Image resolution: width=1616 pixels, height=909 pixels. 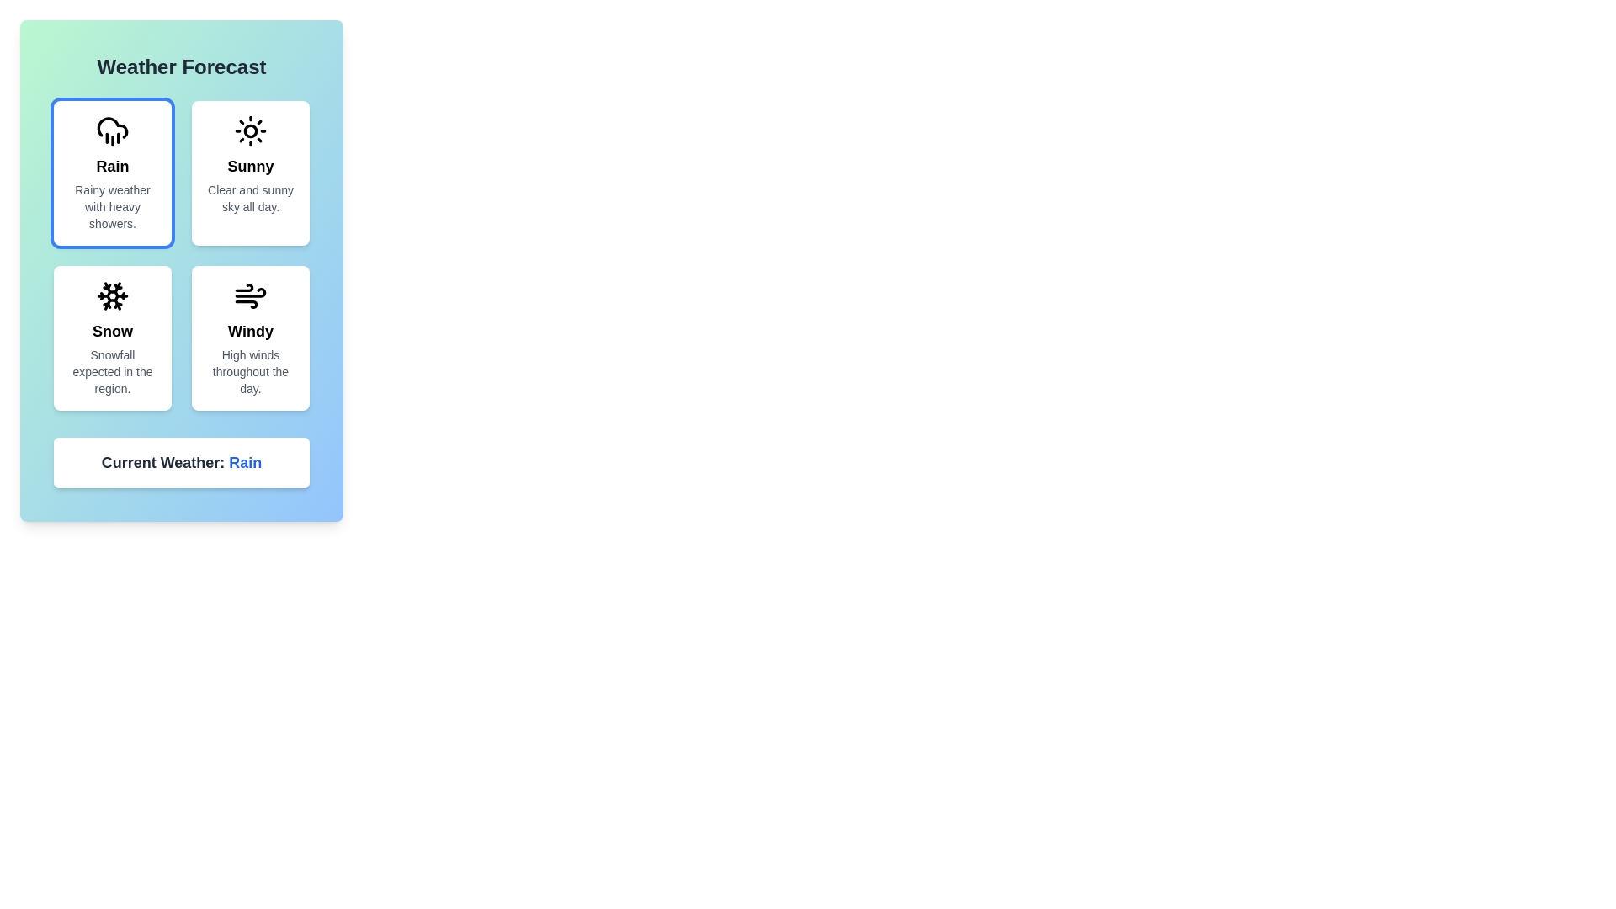 I want to click on the rain icon represented by the cloud with raindrops, located within the 'Rain' weather option in the top-left weather forecast card, so click(x=112, y=127).